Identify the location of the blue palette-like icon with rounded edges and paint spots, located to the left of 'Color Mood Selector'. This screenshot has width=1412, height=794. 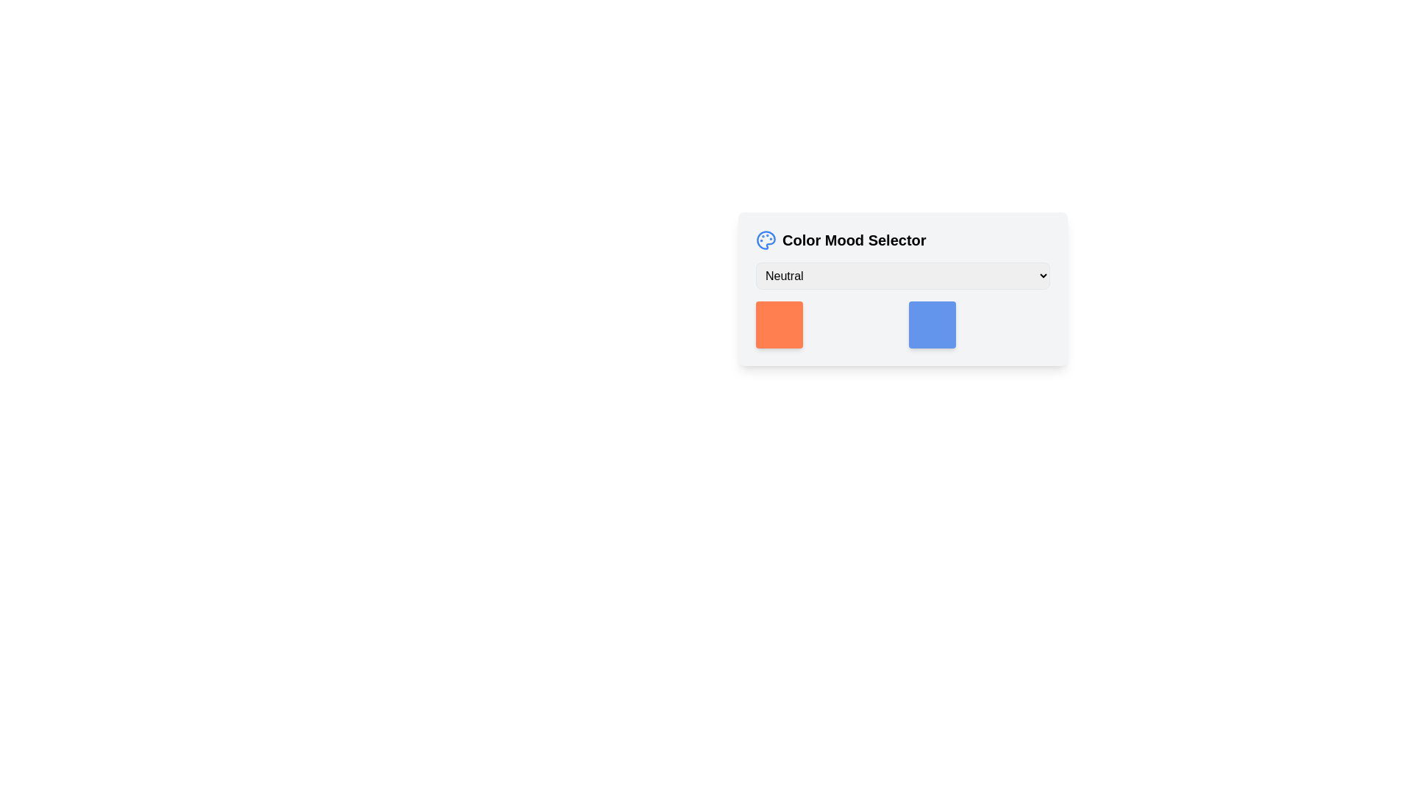
(765, 240).